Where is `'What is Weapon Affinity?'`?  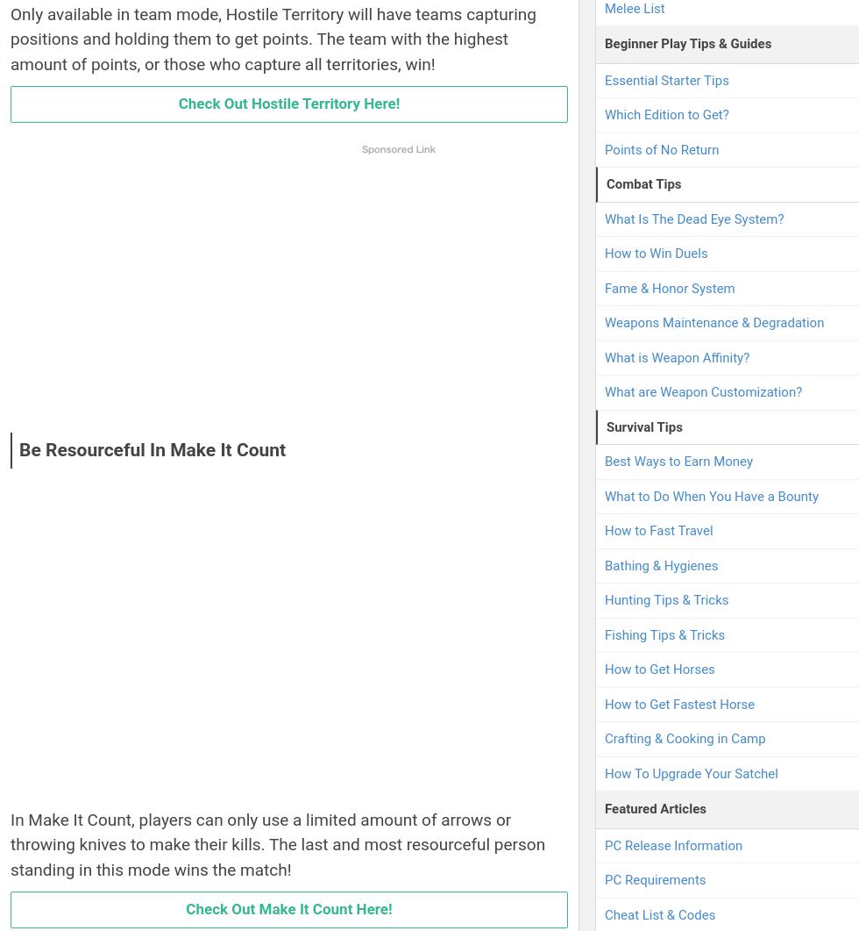
'What is Weapon Affinity?' is located at coordinates (605, 356).